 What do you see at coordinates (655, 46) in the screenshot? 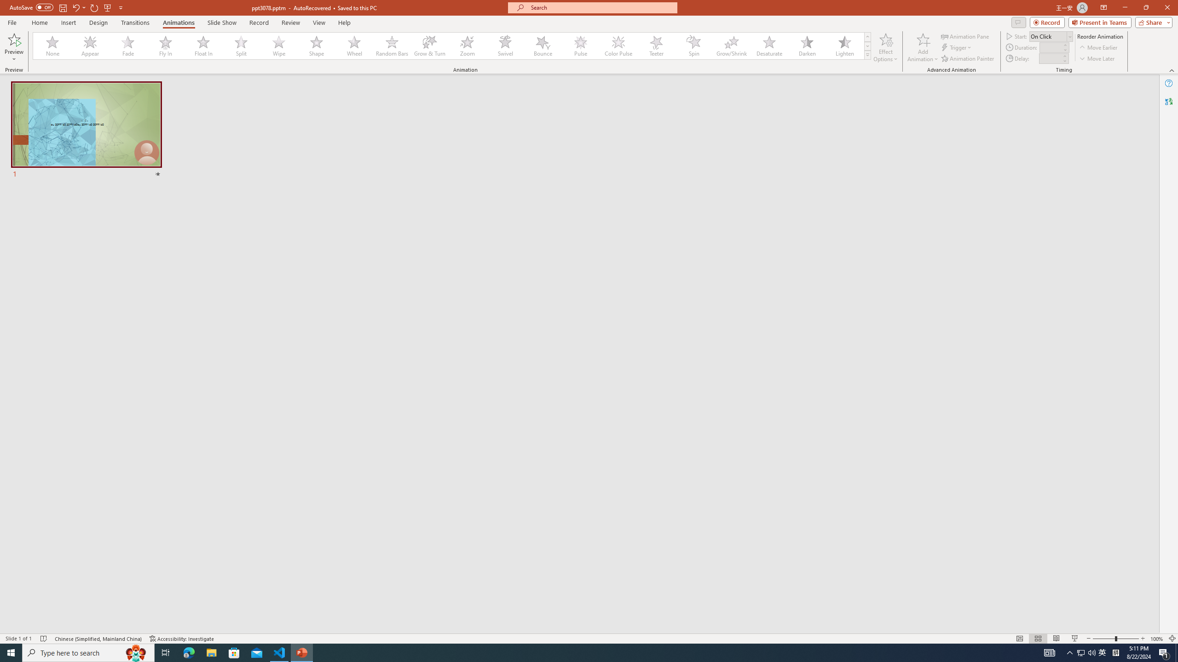
I see `'Teeter'` at bounding box center [655, 46].